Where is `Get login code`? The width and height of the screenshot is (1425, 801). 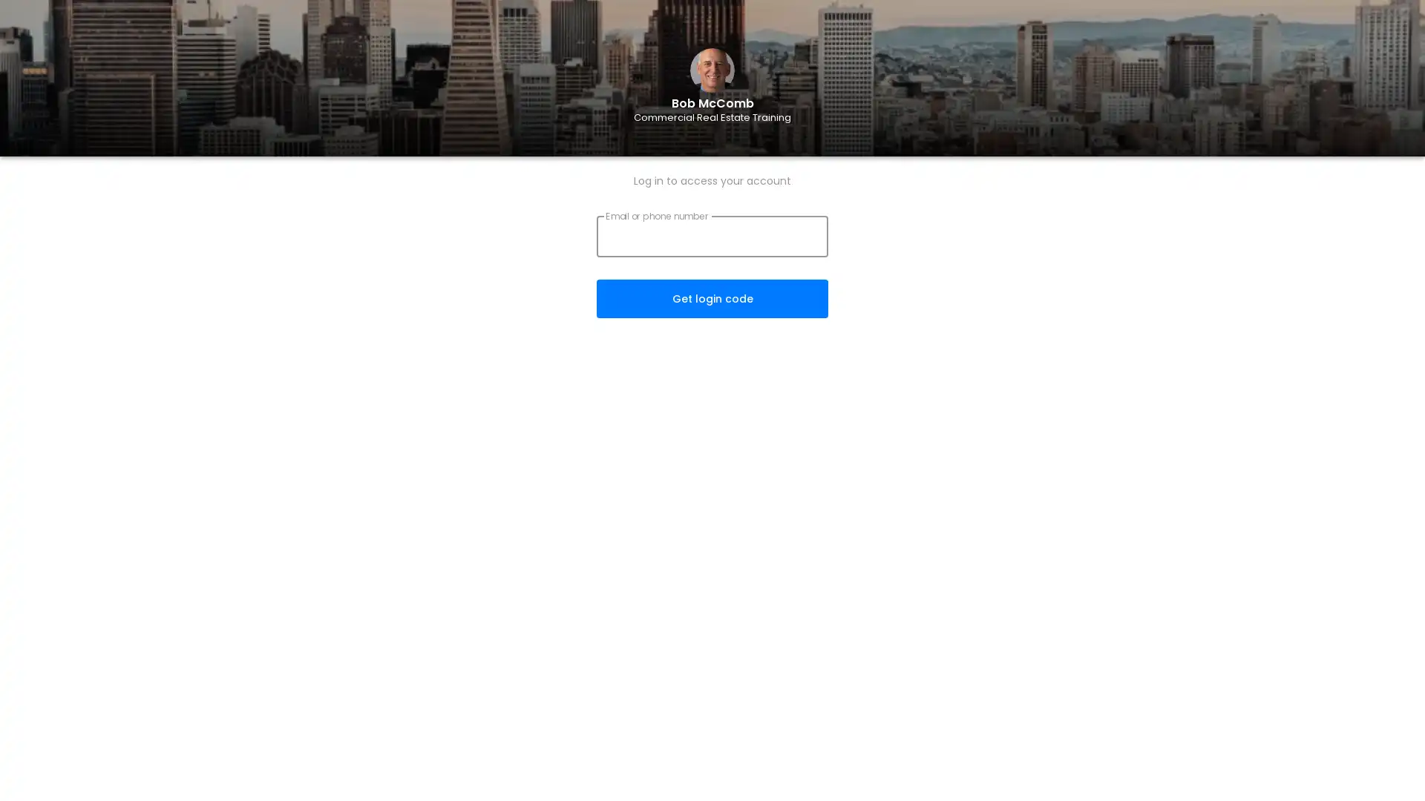
Get login code is located at coordinates (712, 337).